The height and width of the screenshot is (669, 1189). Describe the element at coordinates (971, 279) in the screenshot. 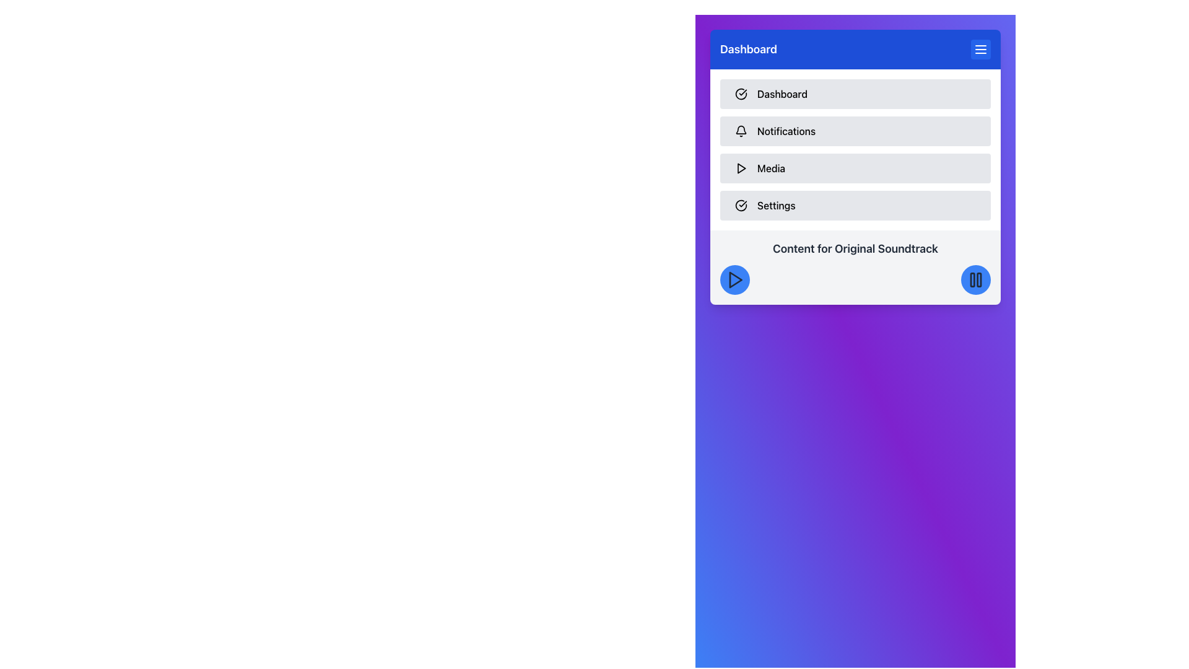

I see `the left vertical bar of the pause icon located inside the blue circular button at the bottom-right corner of the display` at that location.